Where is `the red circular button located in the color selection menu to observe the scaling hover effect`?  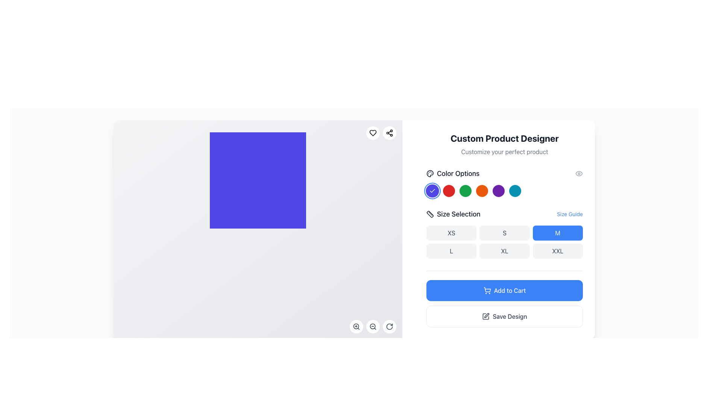
the red circular button located in the color selection menu to observe the scaling hover effect is located at coordinates (449, 191).